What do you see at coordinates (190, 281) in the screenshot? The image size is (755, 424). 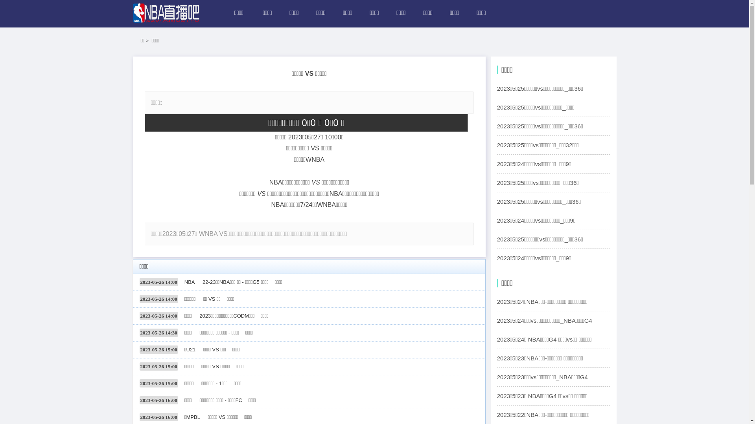 I see `'NBA'` at bounding box center [190, 281].